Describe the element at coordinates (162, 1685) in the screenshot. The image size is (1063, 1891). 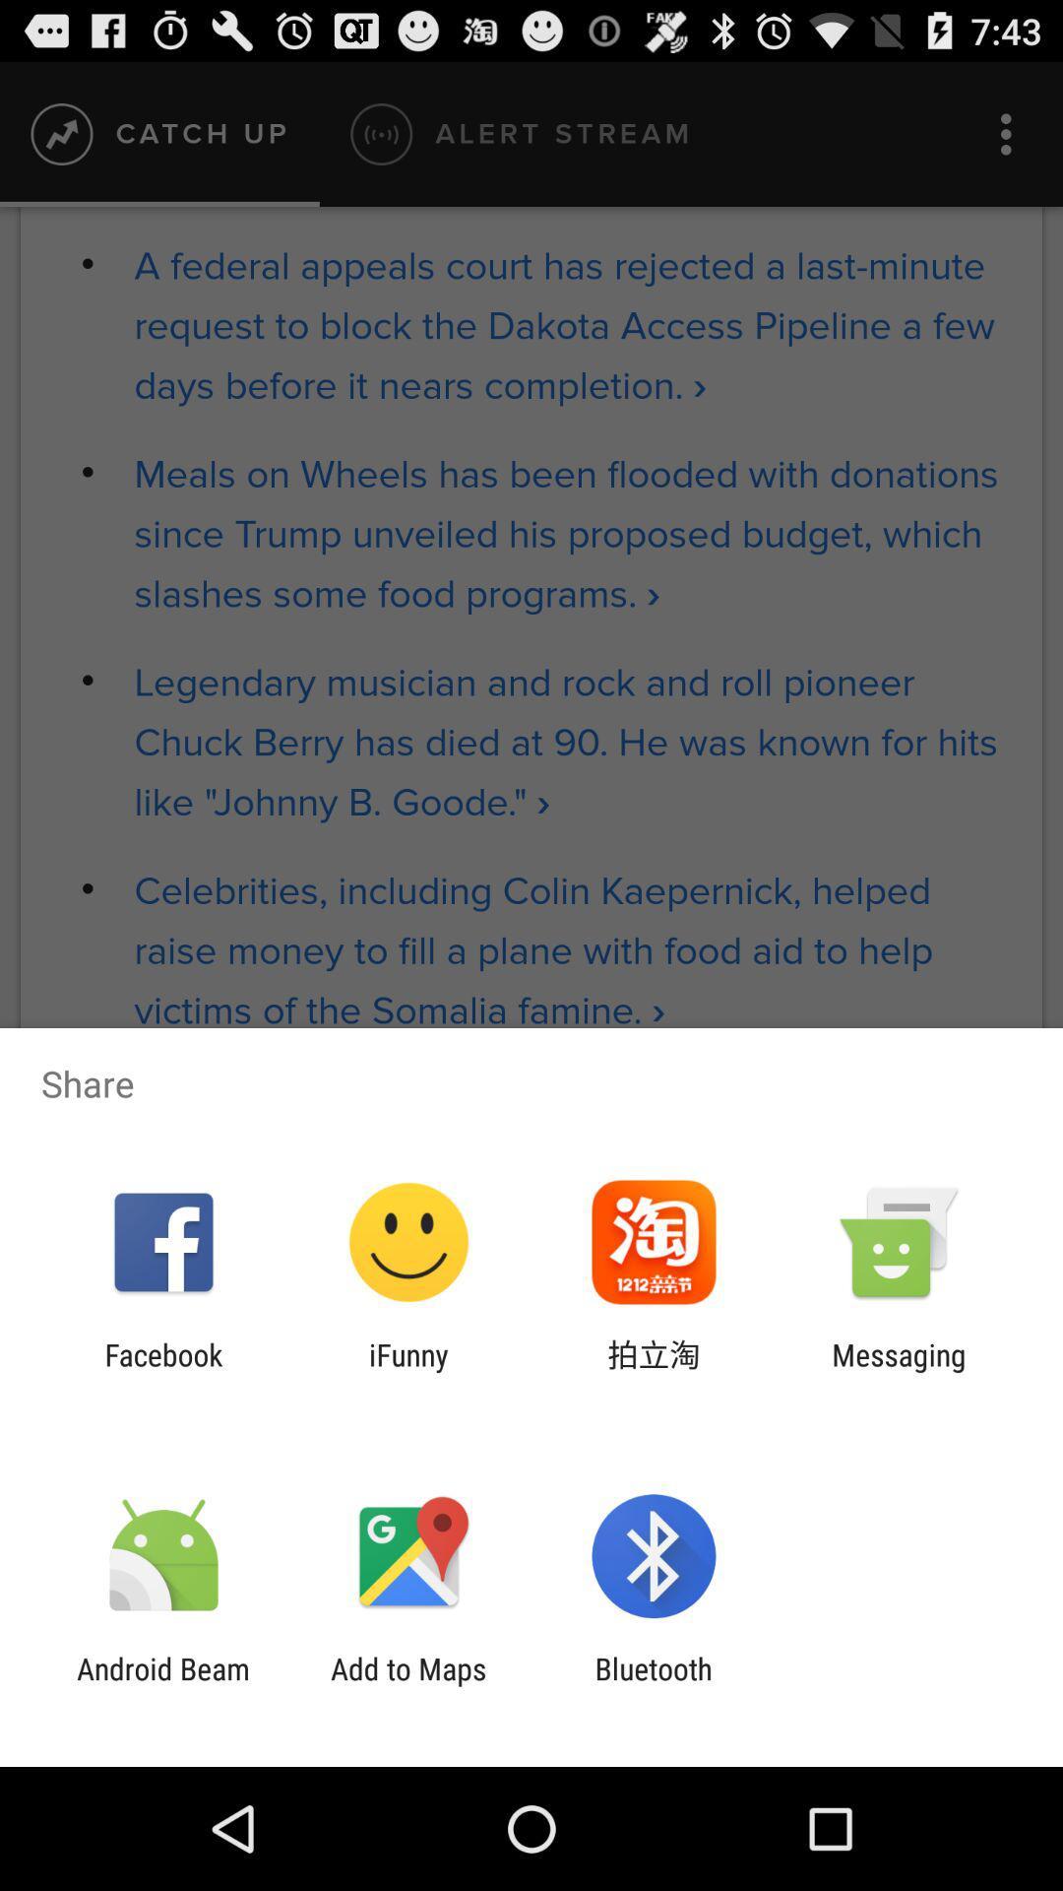
I see `android beam icon` at that location.